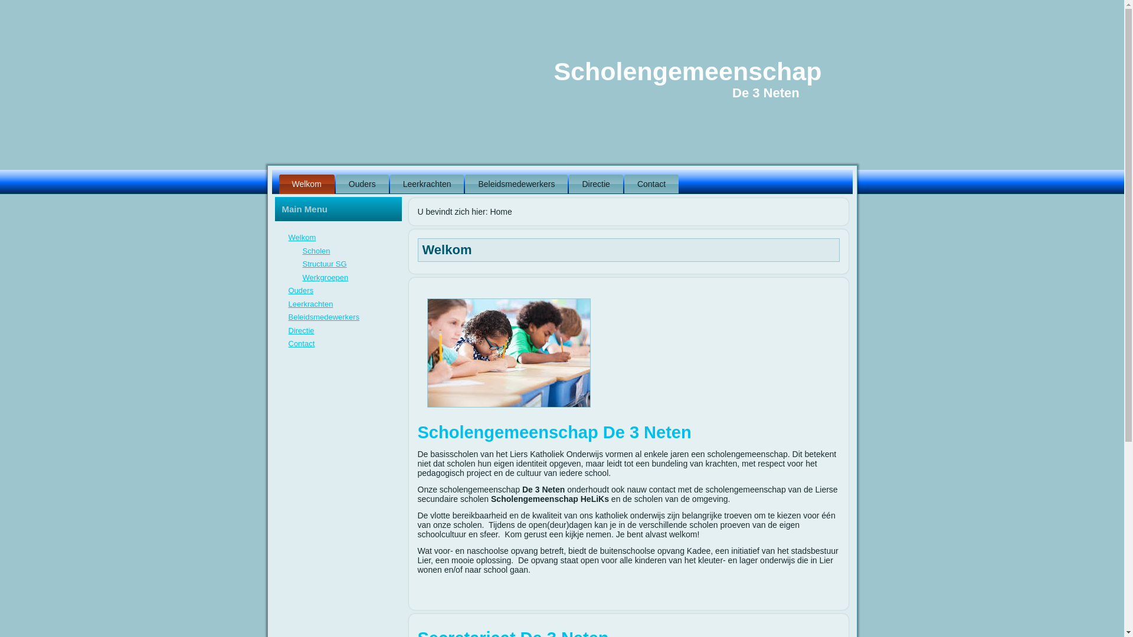  Describe the element at coordinates (324, 263) in the screenshot. I see `'Structuur SG'` at that location.